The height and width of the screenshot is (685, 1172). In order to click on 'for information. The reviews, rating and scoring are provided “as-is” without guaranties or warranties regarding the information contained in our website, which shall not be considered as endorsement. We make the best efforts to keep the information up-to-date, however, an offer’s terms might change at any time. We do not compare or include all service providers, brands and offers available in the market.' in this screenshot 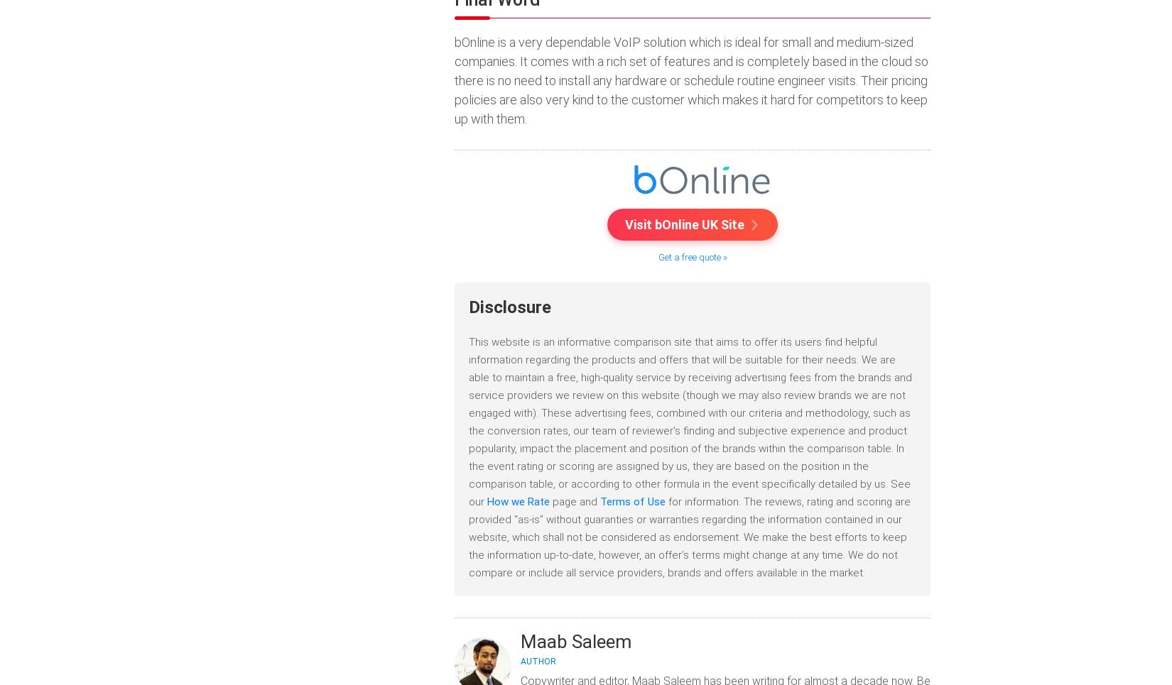, I will do `click(690, 535)`.